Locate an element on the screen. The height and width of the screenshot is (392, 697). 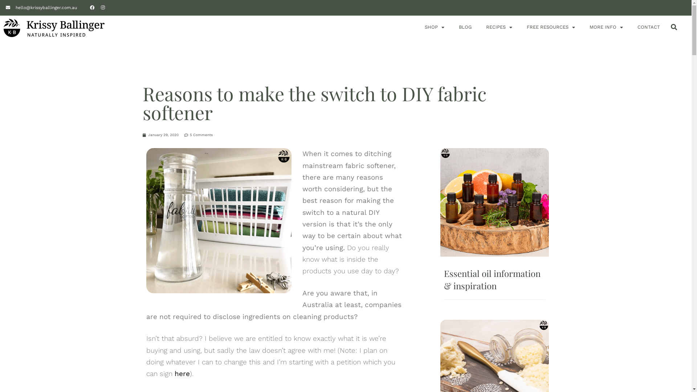
'here' is located at coordinates (182, 373).